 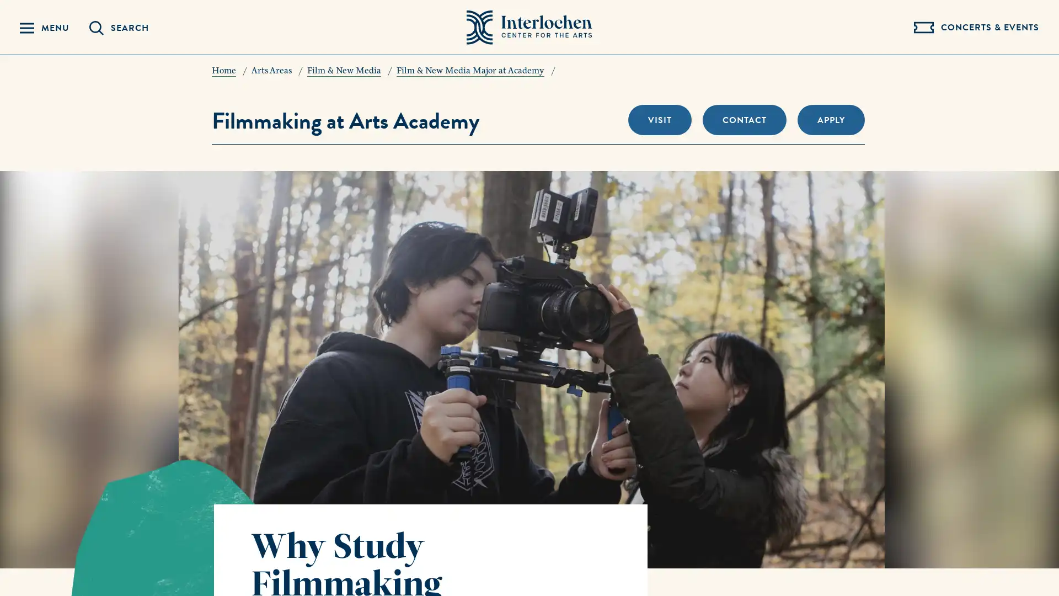 What do you see at coordinates (119, 27) in the screenshot?
I see `Reveal Search` at bounding box center [119, 27].